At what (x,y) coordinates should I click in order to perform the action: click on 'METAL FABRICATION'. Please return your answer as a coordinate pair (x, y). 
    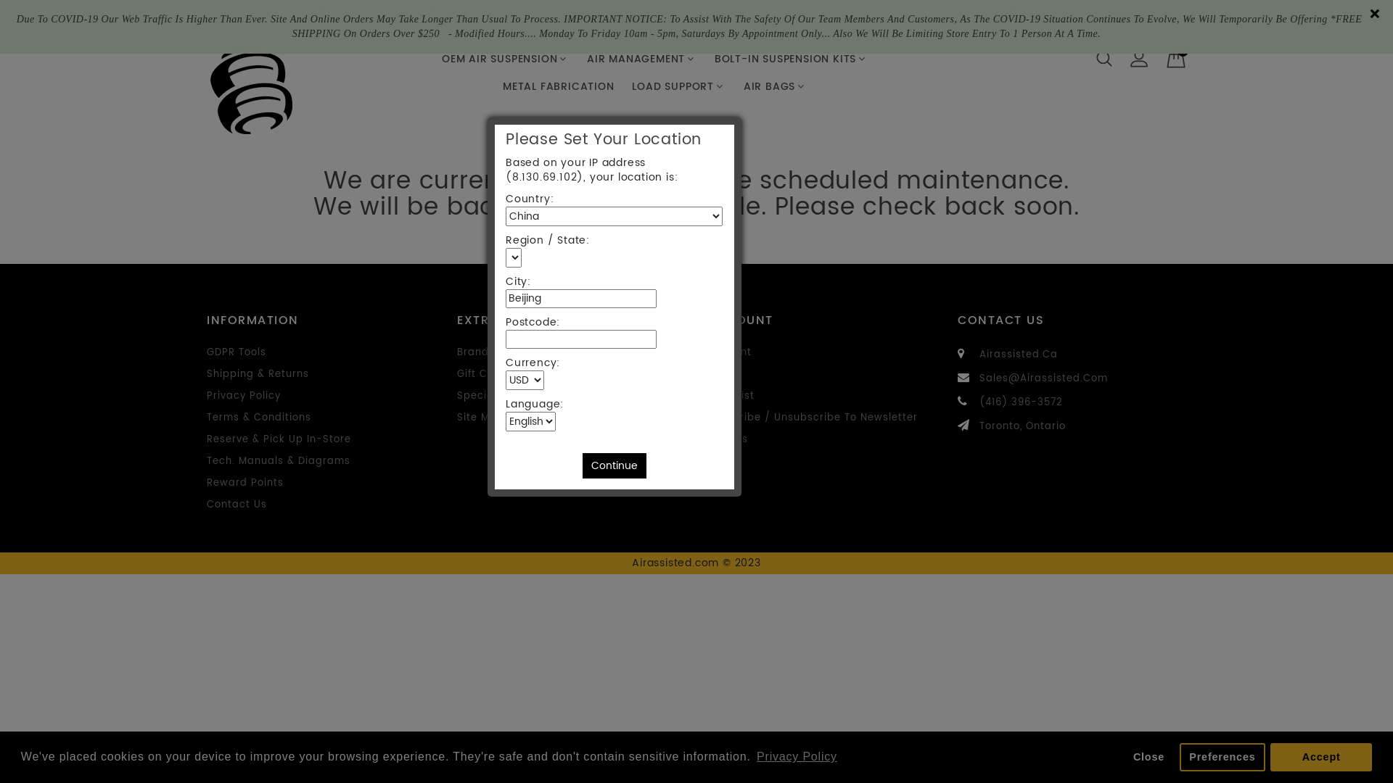
    Looking at the image, I should click on (557, 86).